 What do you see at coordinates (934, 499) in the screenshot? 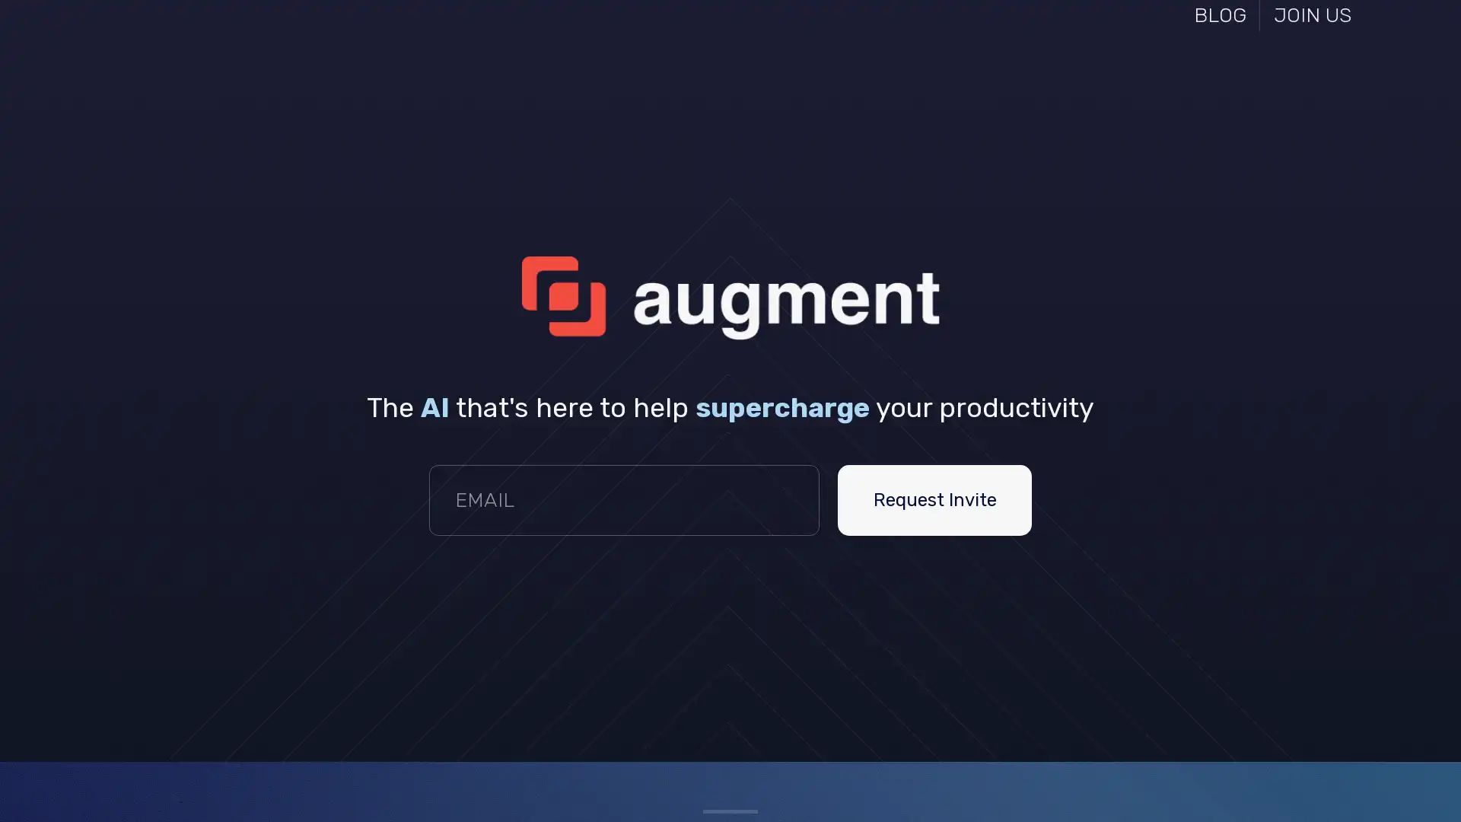
I see `Request Invite` at bounding box center [934, 499].